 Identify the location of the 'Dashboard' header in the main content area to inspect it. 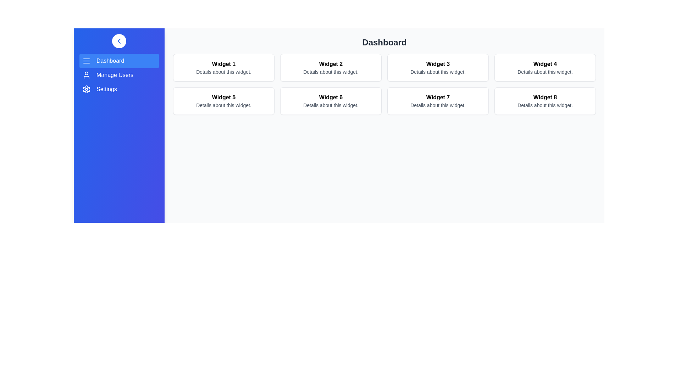
(384, 42).